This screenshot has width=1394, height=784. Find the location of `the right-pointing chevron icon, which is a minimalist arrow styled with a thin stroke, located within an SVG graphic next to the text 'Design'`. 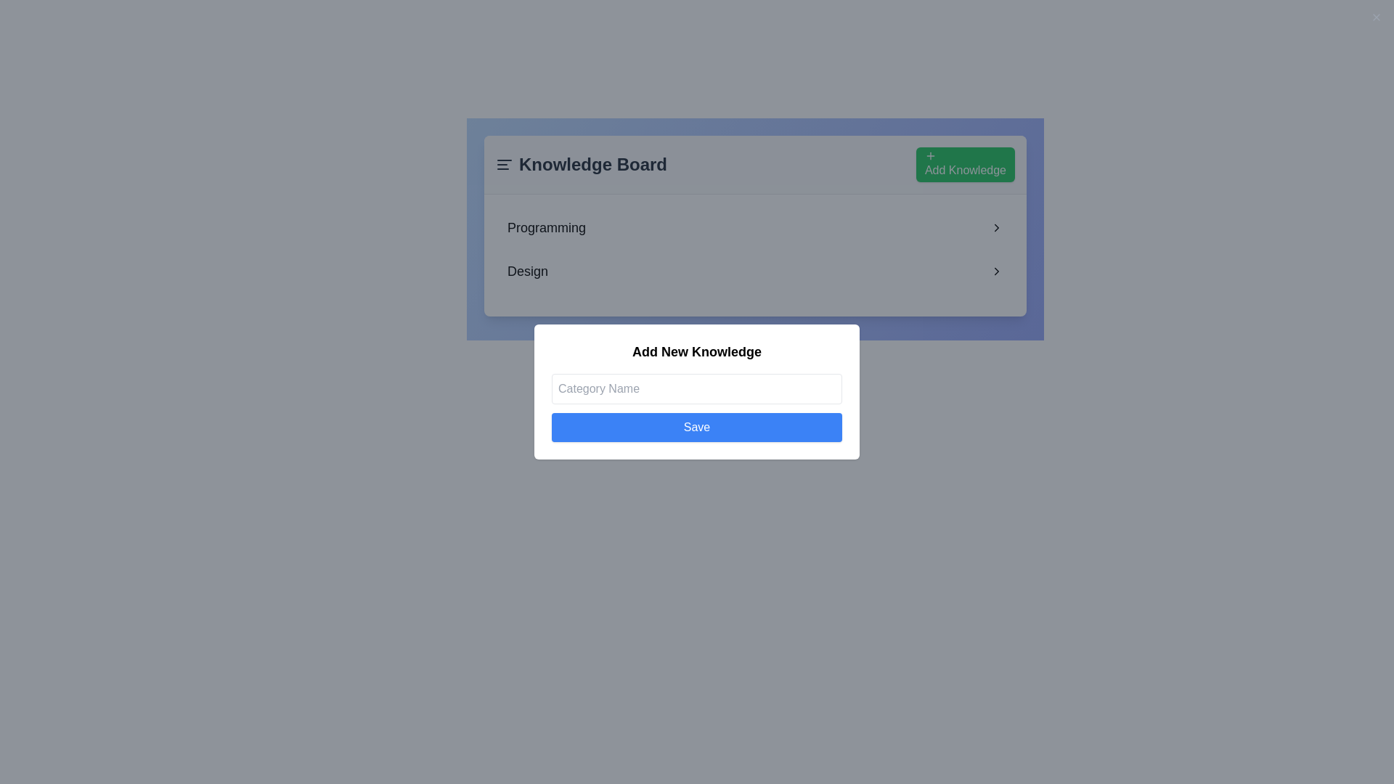

the right-pointing chevron icon, which is a minimalist arrow styled with a thin stroke, located within an SVG graphic next to the text 'Design' is located at coordinates (995, 271).